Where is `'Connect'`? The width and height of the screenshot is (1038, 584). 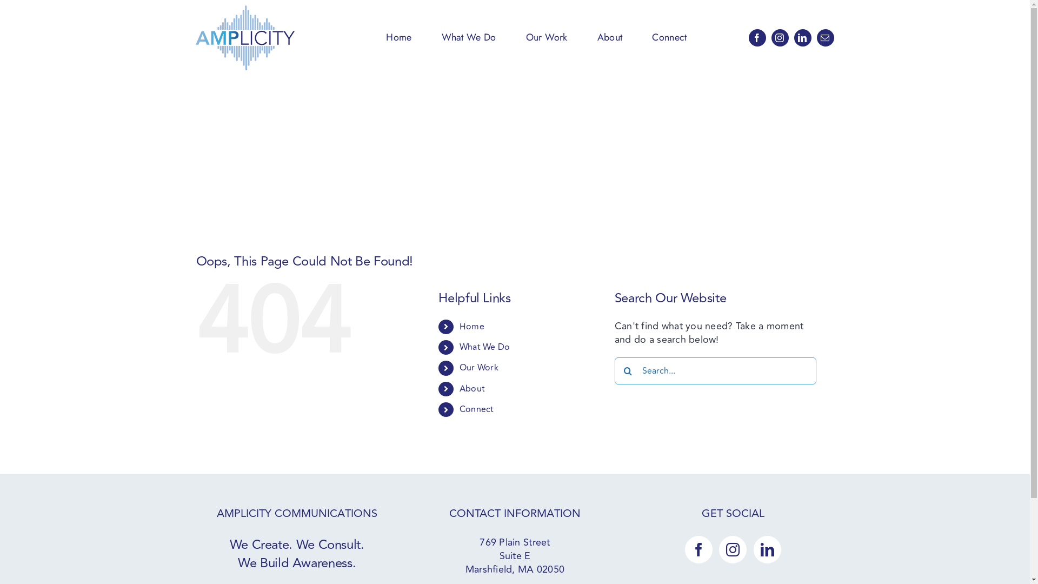
'Connect' is located at coordinates (476, 409).